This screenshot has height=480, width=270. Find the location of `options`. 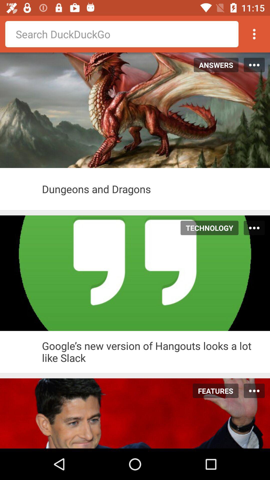

options is located at coordinates (254, 34).